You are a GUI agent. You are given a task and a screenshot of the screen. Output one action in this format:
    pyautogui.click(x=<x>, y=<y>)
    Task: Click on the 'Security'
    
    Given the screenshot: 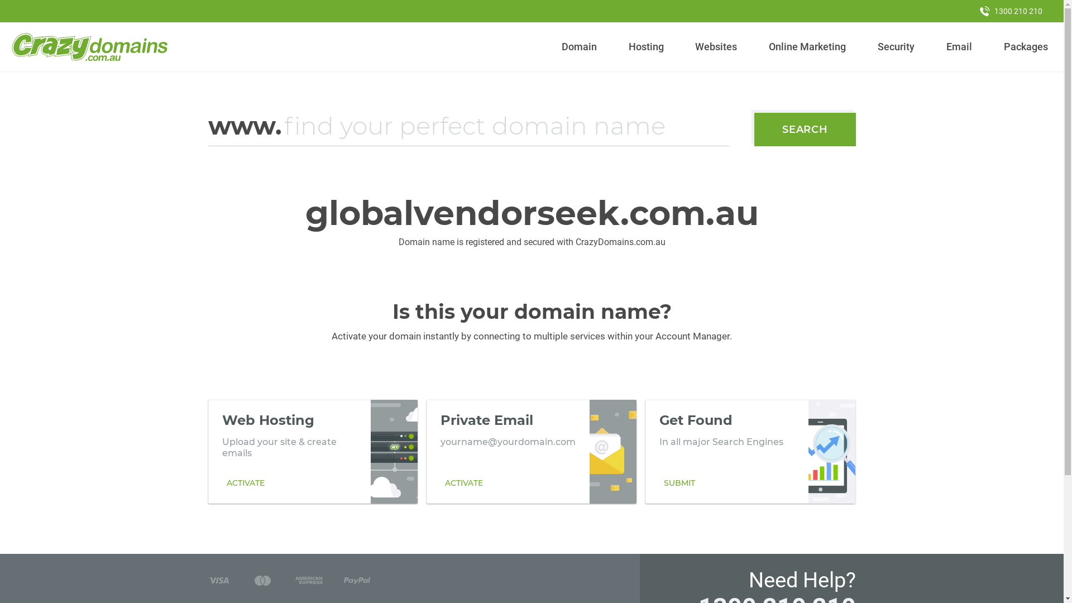 What is the action you would take?
    pyautogui.click(x=896, y=46)
    